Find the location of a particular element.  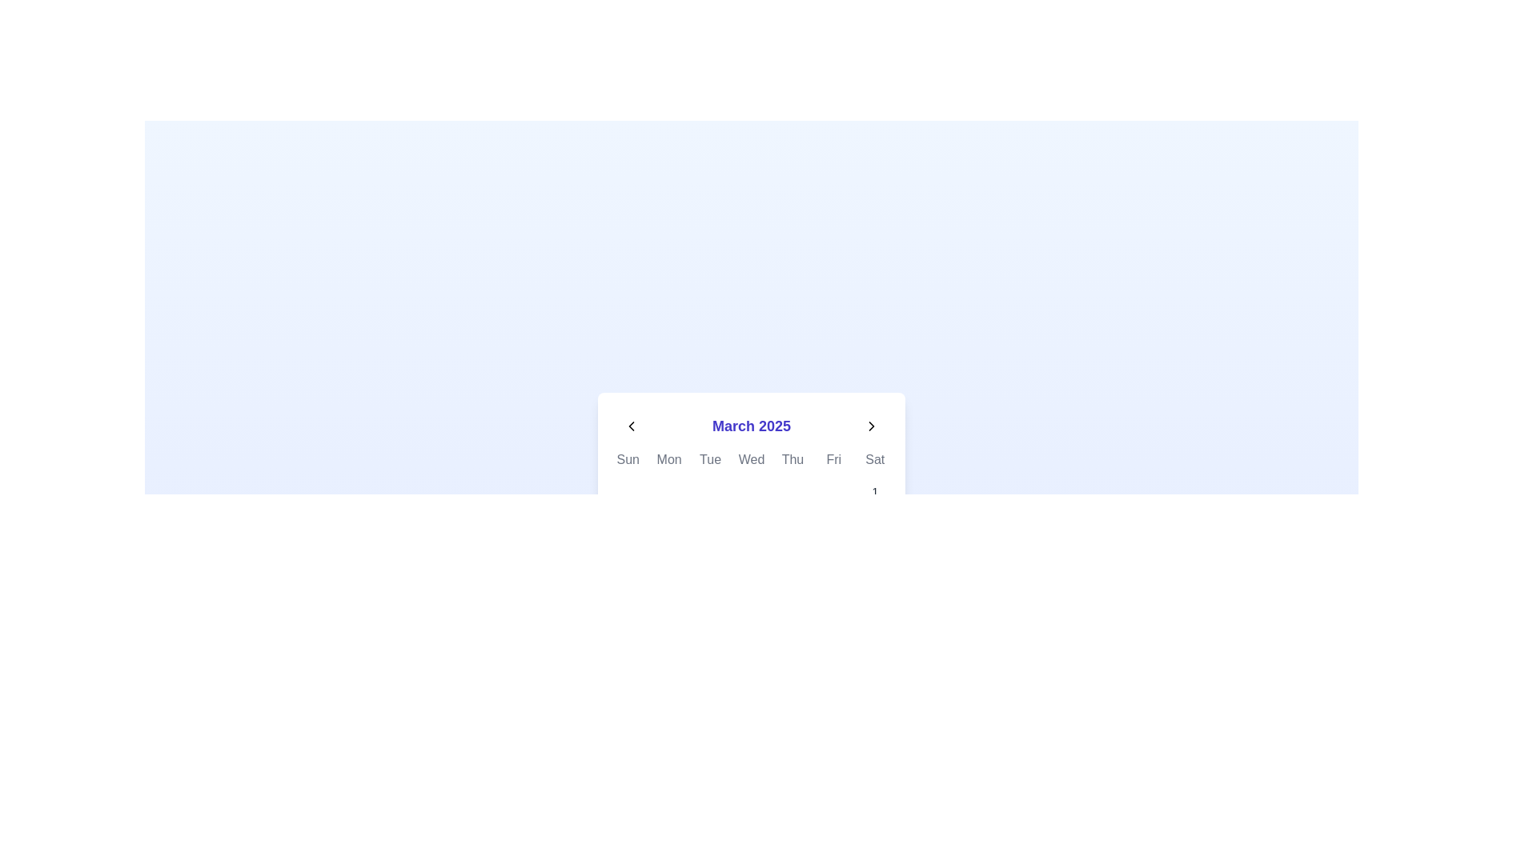

the vector graphic icon located to the left of the text 'March 2025' is located at coordinates (630, 425).